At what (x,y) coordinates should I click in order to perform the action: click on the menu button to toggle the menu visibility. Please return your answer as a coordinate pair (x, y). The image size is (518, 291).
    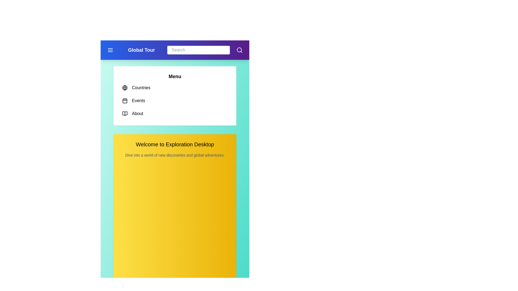
    Looking at the image, I should click on (110, 50).